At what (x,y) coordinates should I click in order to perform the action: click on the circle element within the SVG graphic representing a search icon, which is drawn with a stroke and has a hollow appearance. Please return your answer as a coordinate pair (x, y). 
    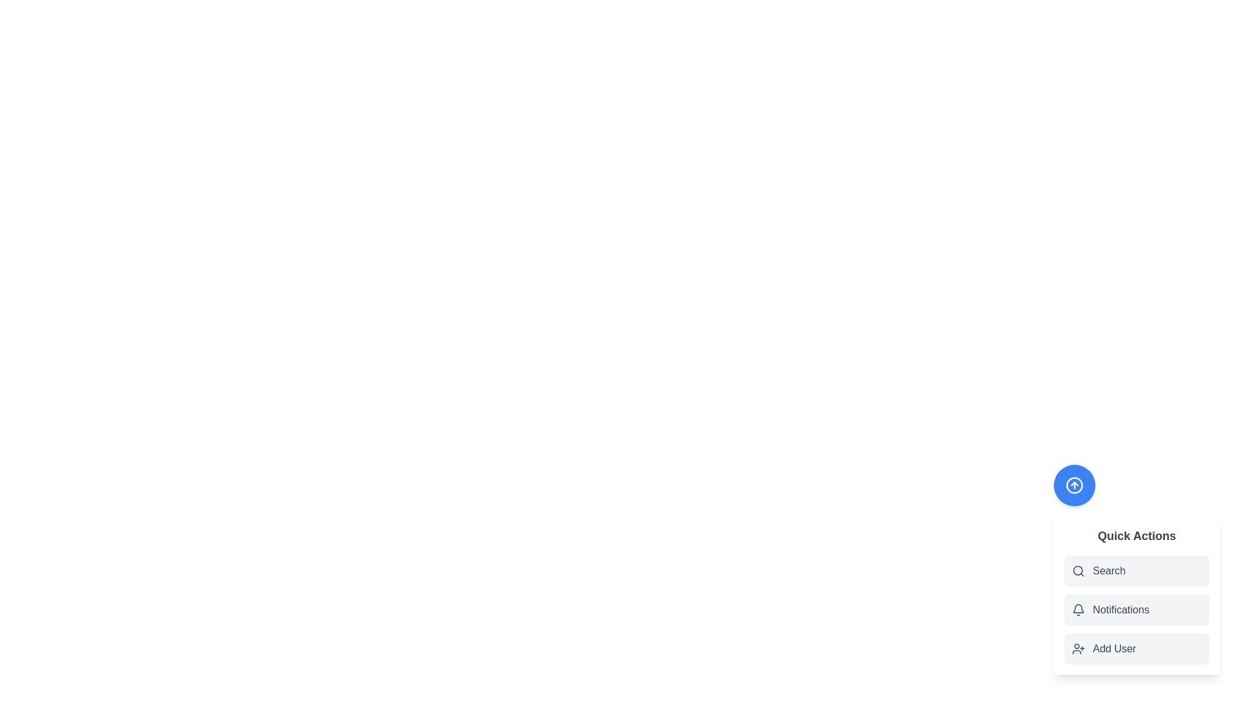
    Looking at the image, I should click on (1078, 570).